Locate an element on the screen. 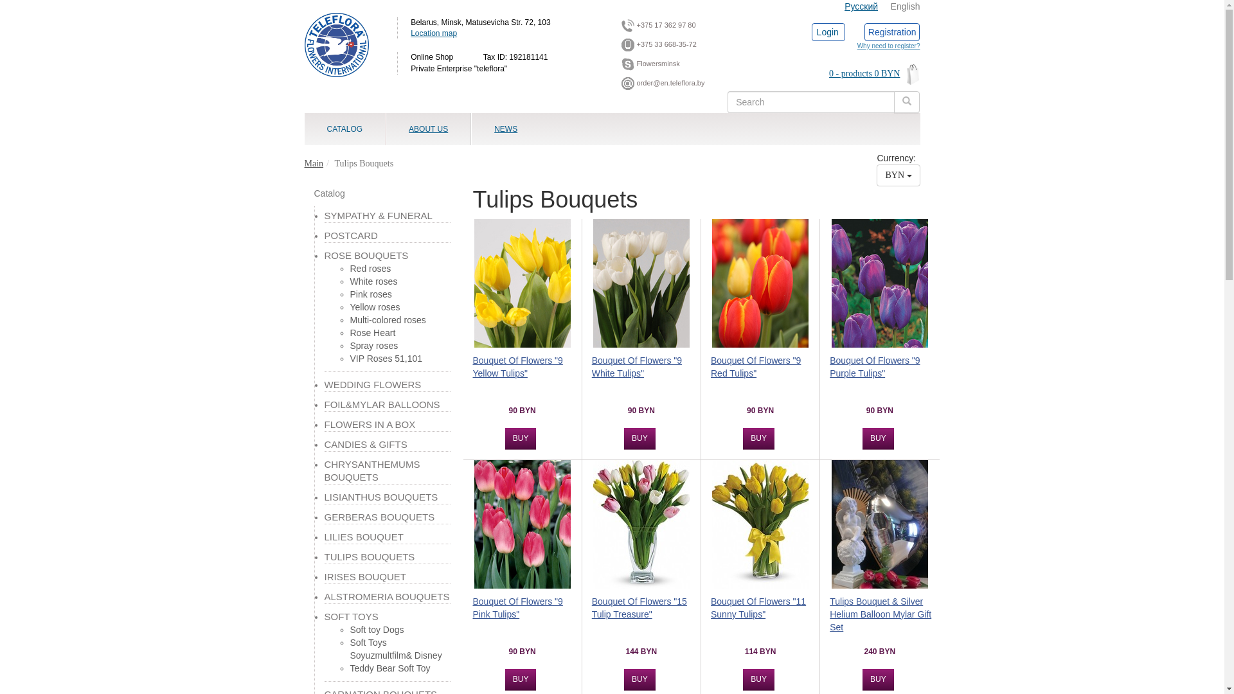 This screenshot has height=694, width=1234. 'FLOWERS IN A BOX' is located at coordinates (324, 424).